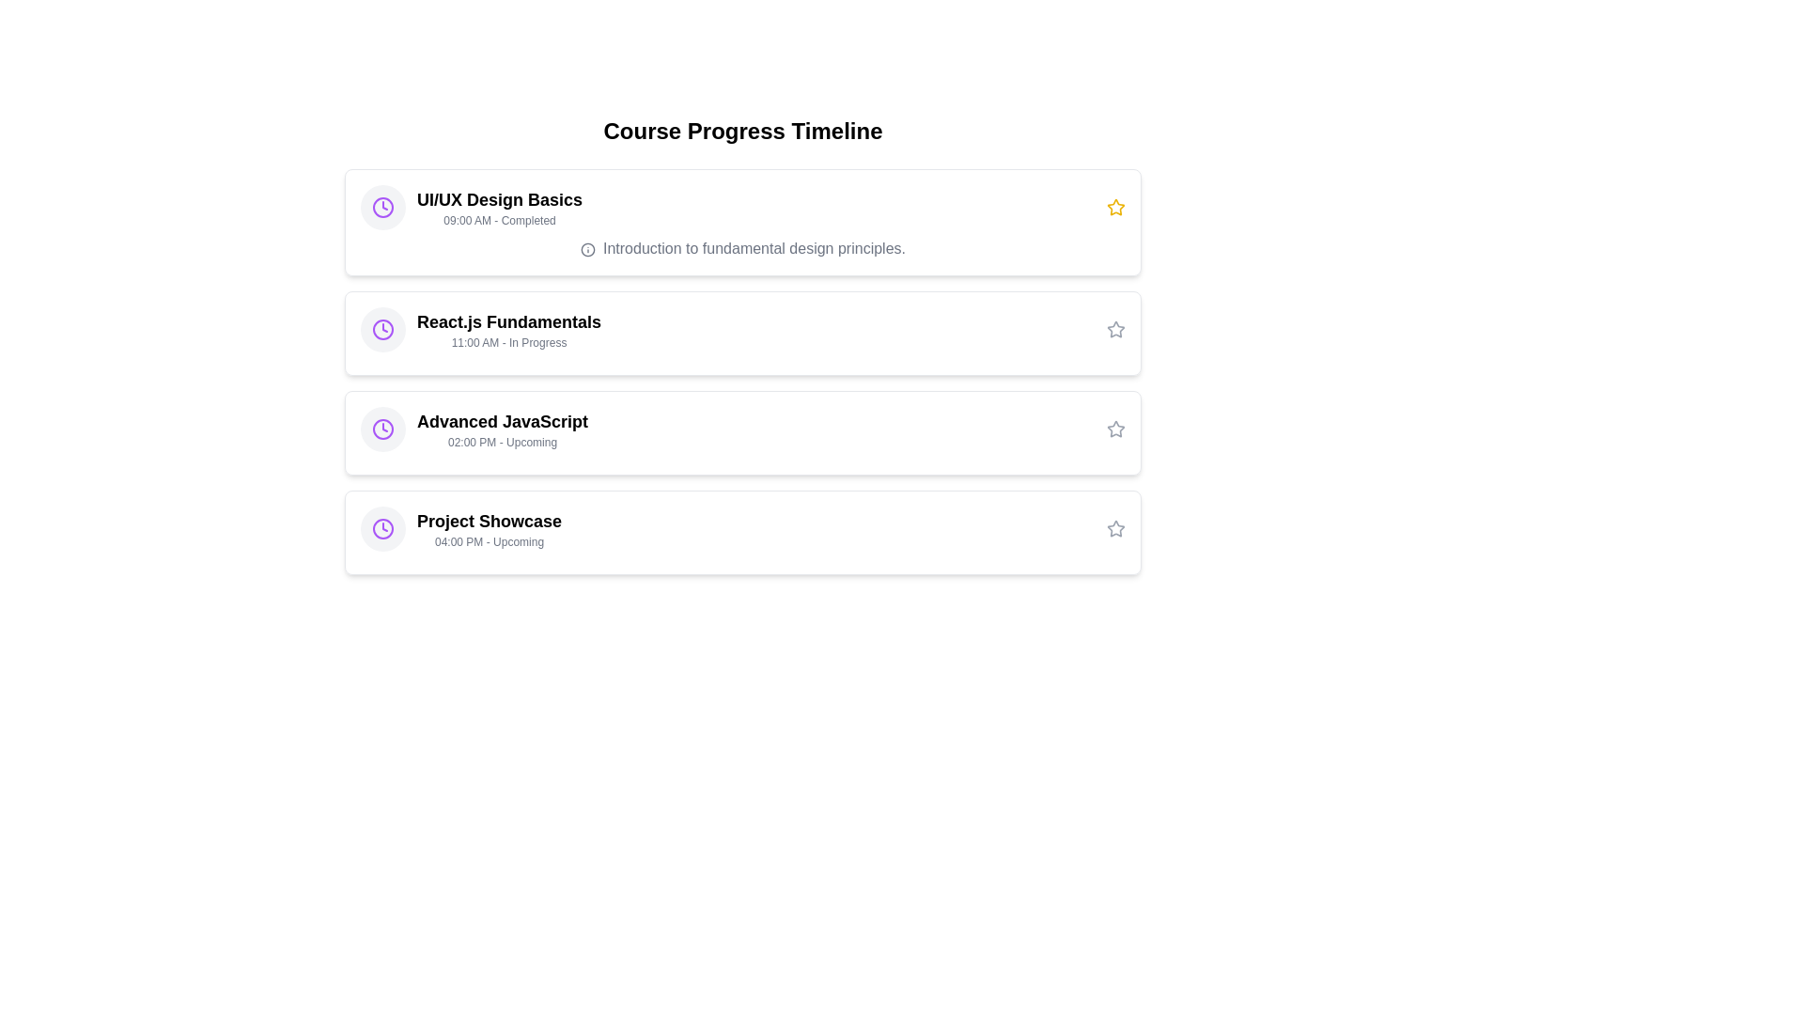  I want to click on the text label reading 'Introduction to fundamental design principles' which is styled in light gray, located below the heading 'UI/UX Design Basics', so click(742, 248).